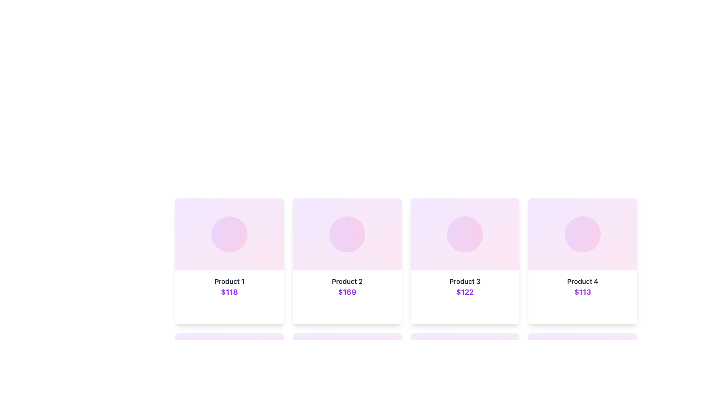  I want to click on the second Product Display Card, so click(347, 297).